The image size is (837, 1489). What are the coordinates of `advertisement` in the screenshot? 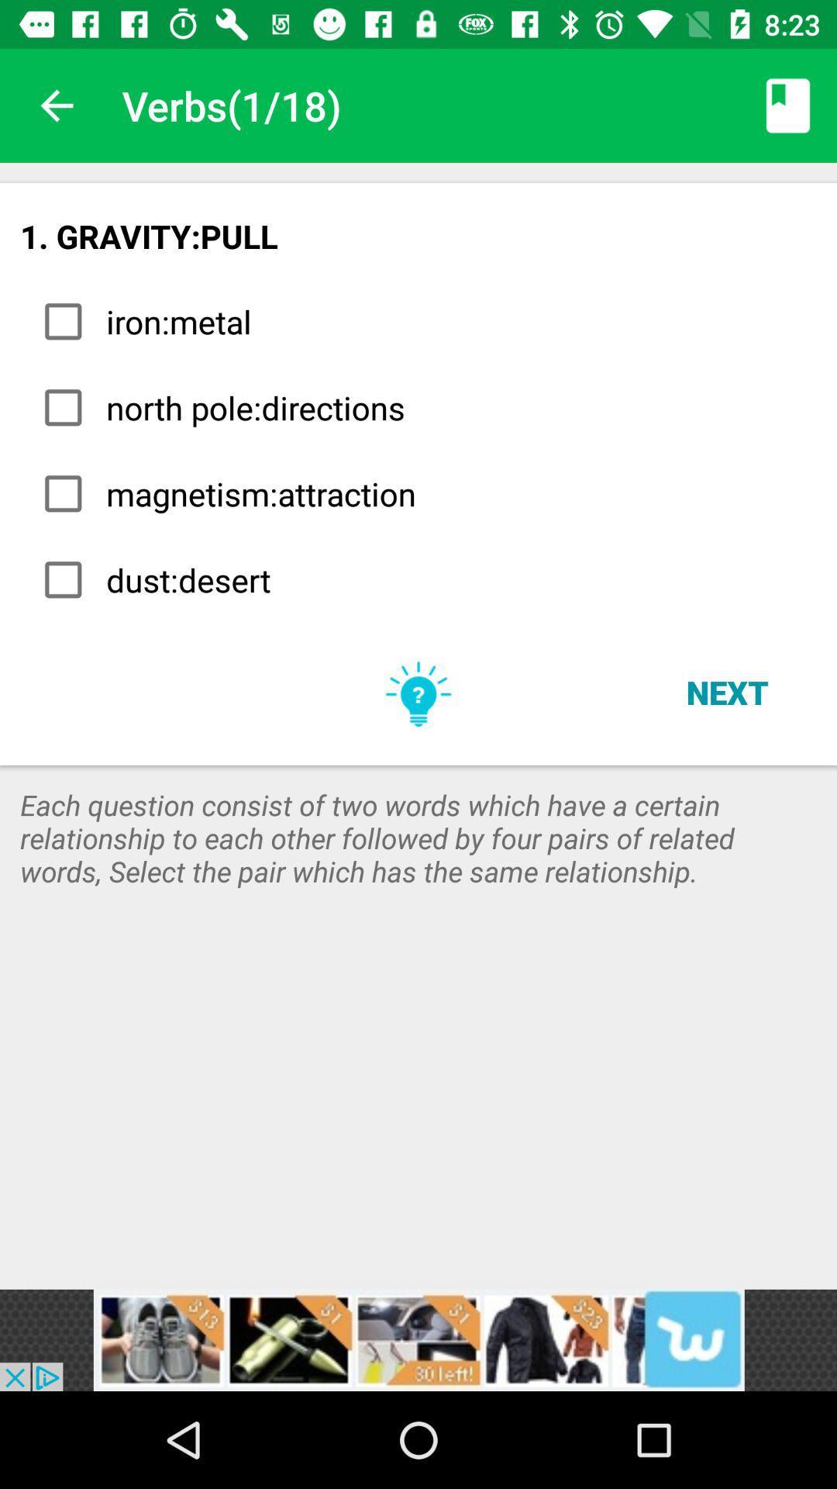 It's located at (418, 1339).